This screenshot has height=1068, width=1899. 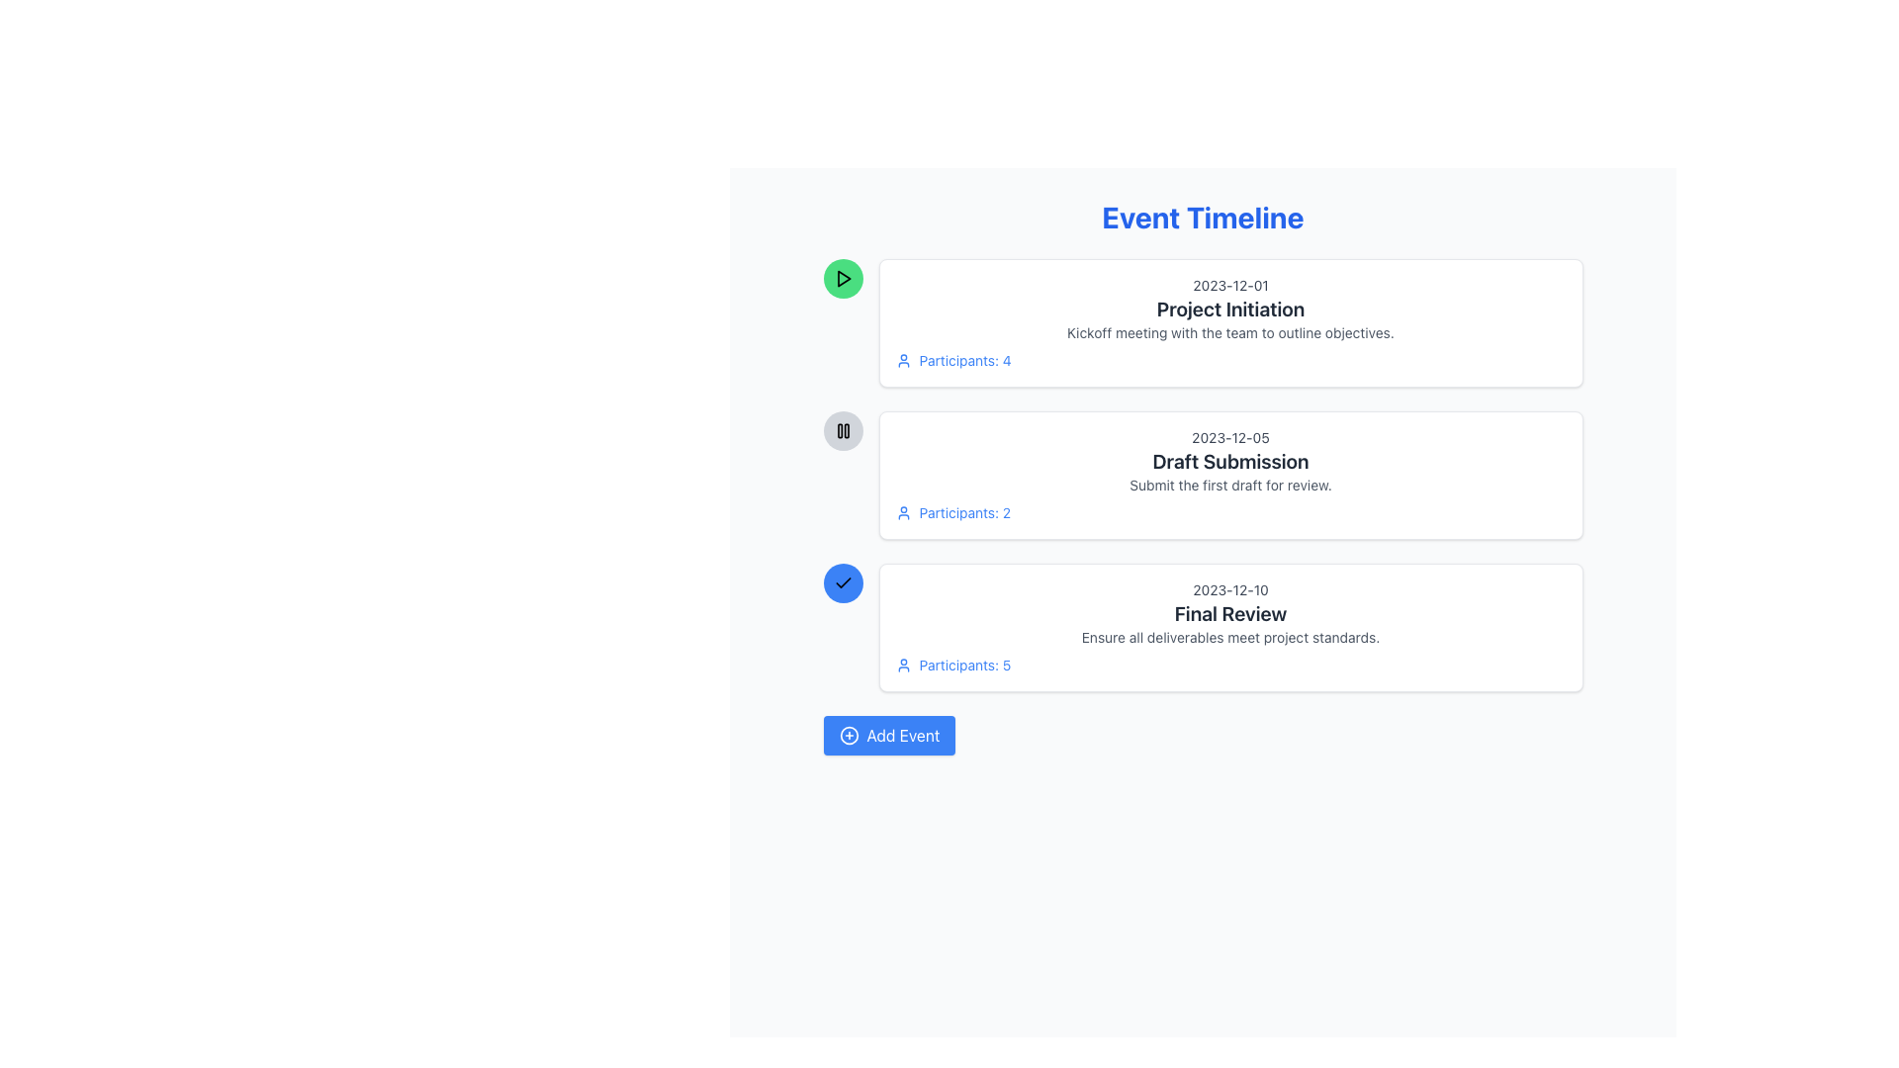 I want to click on the 'Final Review' event display card, which is the third item, so click(x=1202, y=628).